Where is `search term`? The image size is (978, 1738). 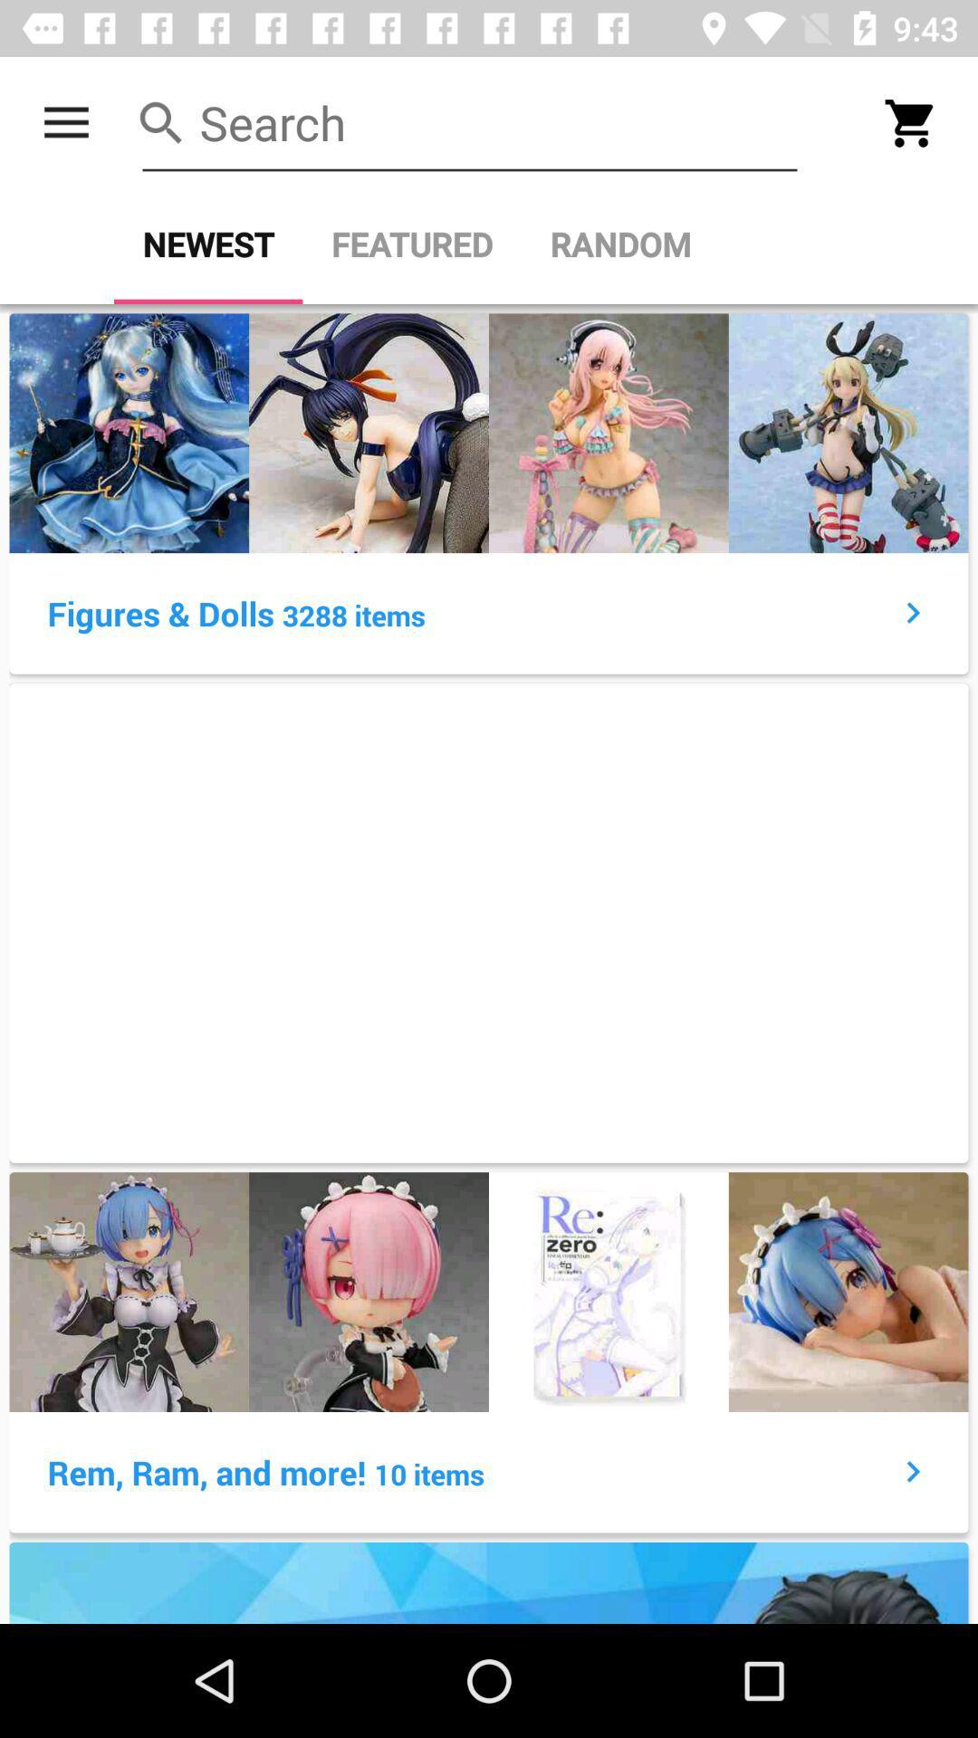
search term is located at coordinates (469, 122).